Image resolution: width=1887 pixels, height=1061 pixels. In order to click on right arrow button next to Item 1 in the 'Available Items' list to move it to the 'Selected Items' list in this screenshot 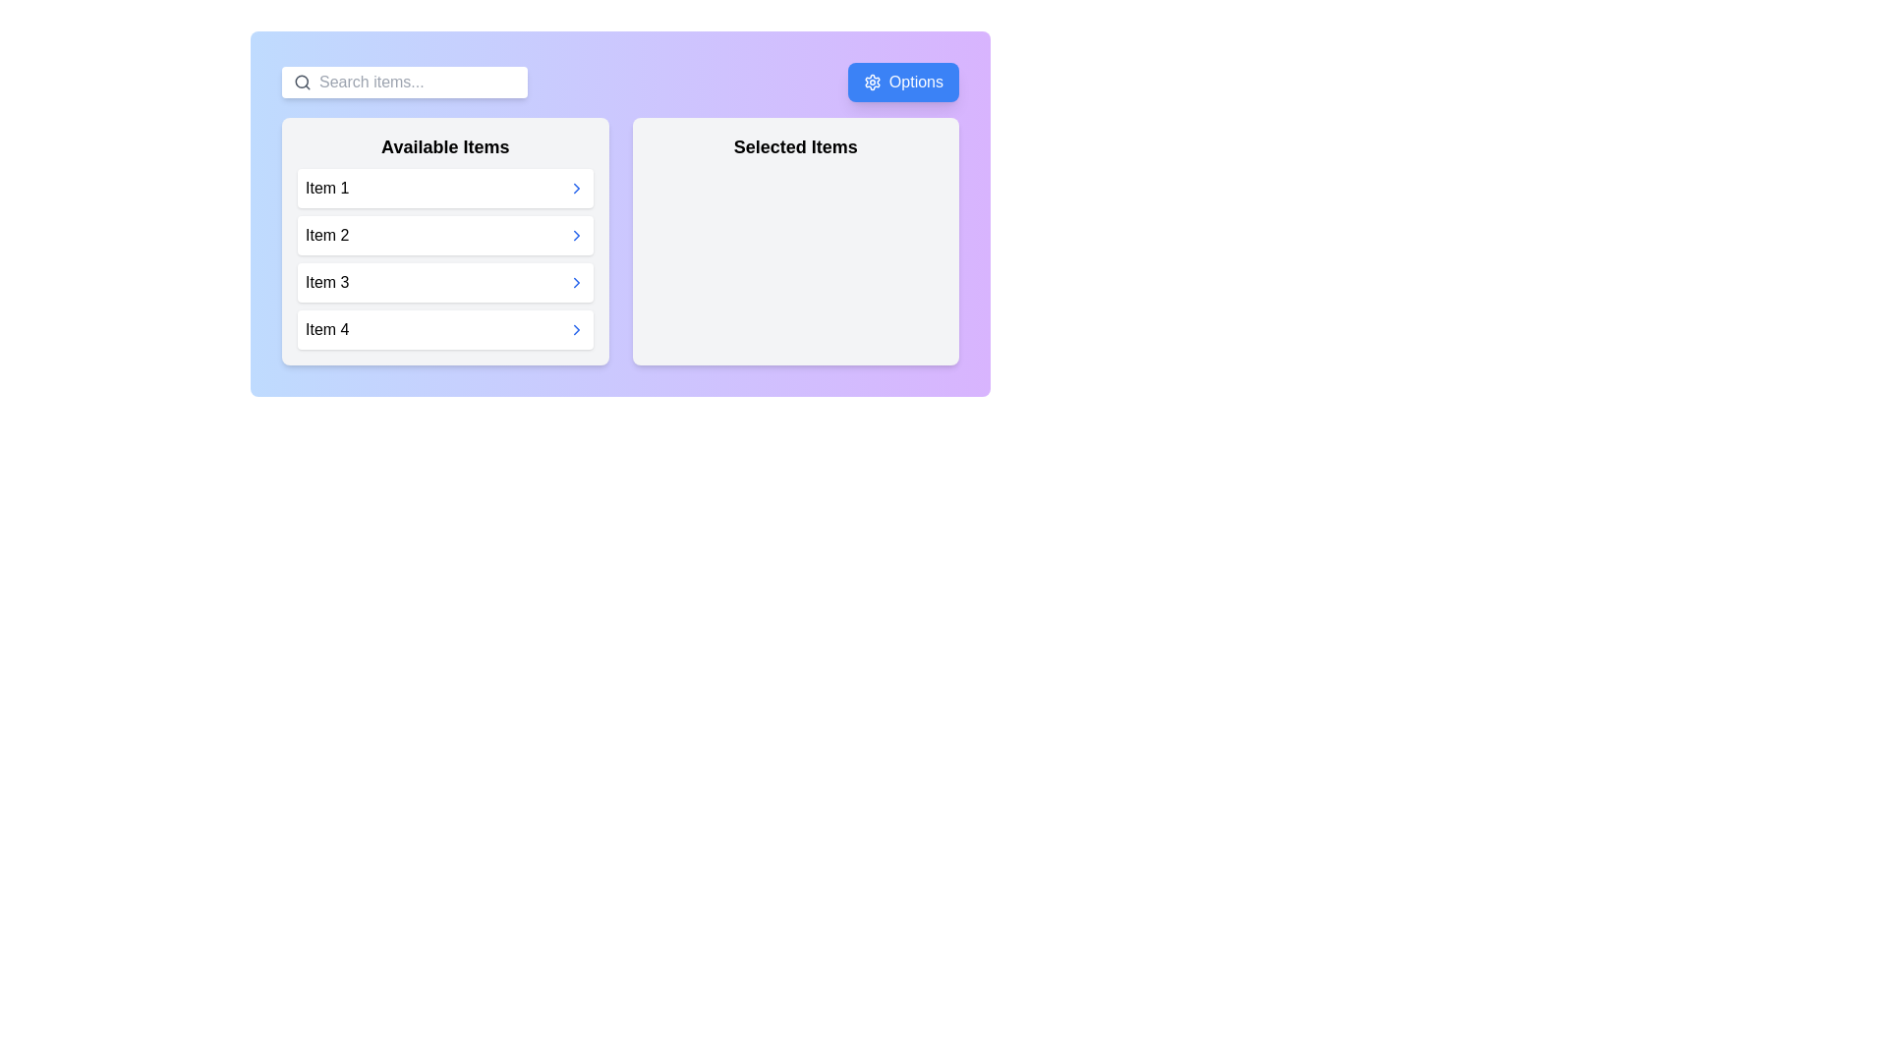, I will do `click(575, 189)`.